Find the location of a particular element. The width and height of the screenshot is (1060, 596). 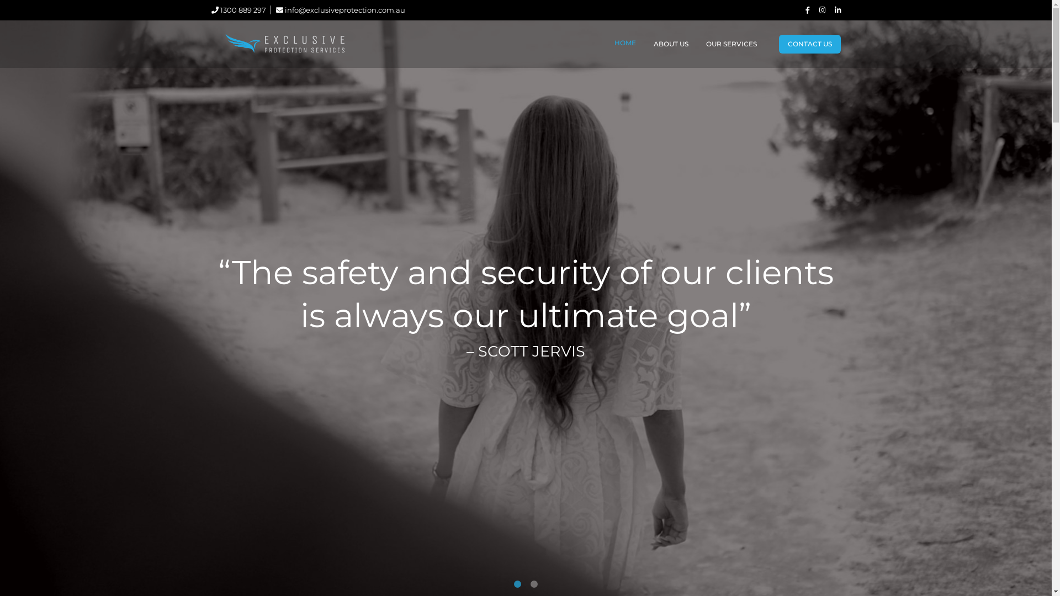

'HOME' is located at coordinates (624, 42).